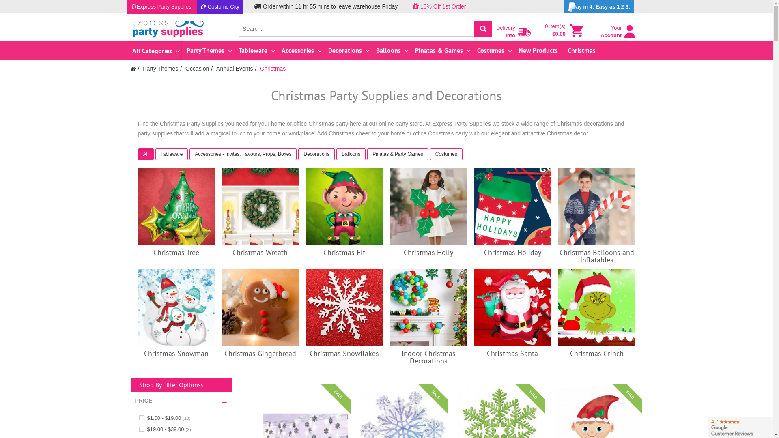 This screenshot has height=438, width=779. What do you see at coordinates (155, 155) in the screenshot?
I see `'Tableware'` at bounding box center [155, 155].